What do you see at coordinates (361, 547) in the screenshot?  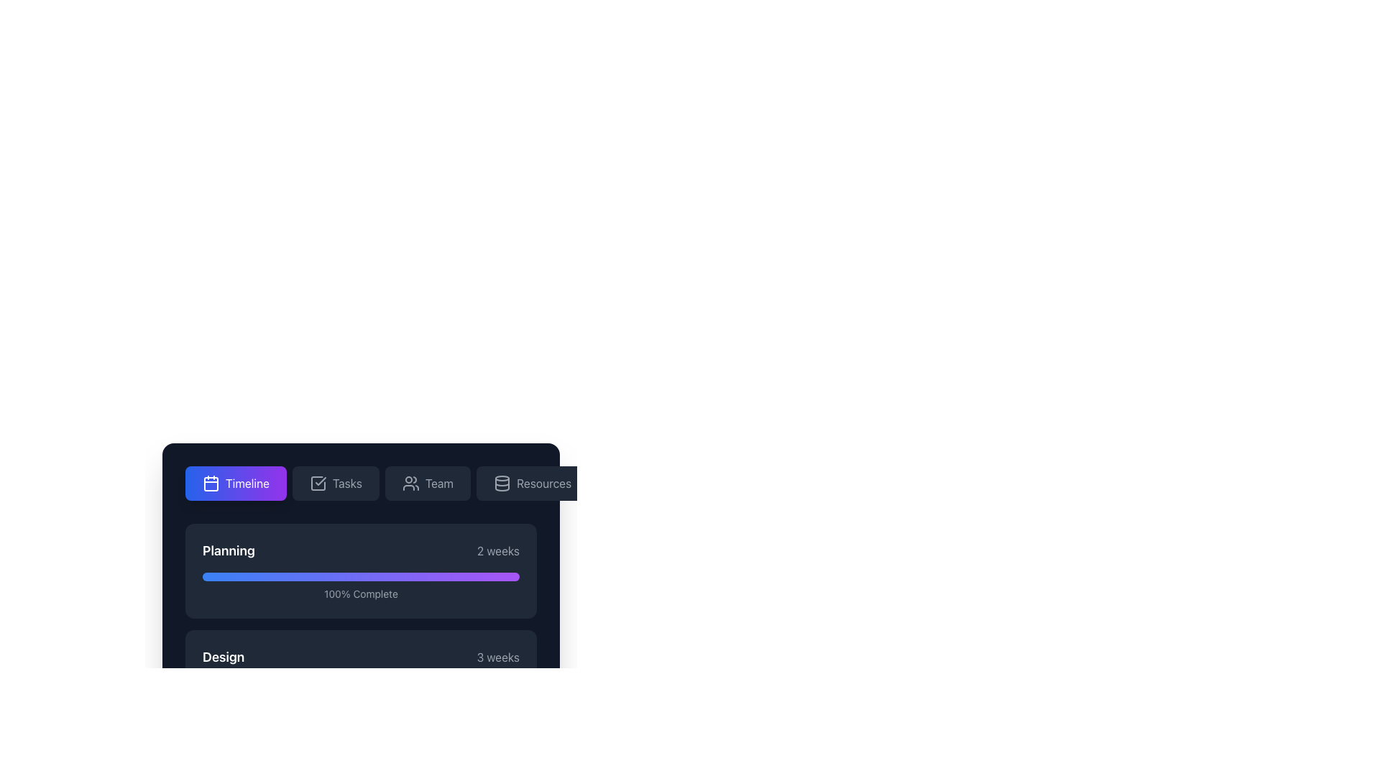 I see `the navigation buttons above the Progress card titled 'Planning', which is the first card in a vertical stack of progress cards` at bounding box center [361, 547].